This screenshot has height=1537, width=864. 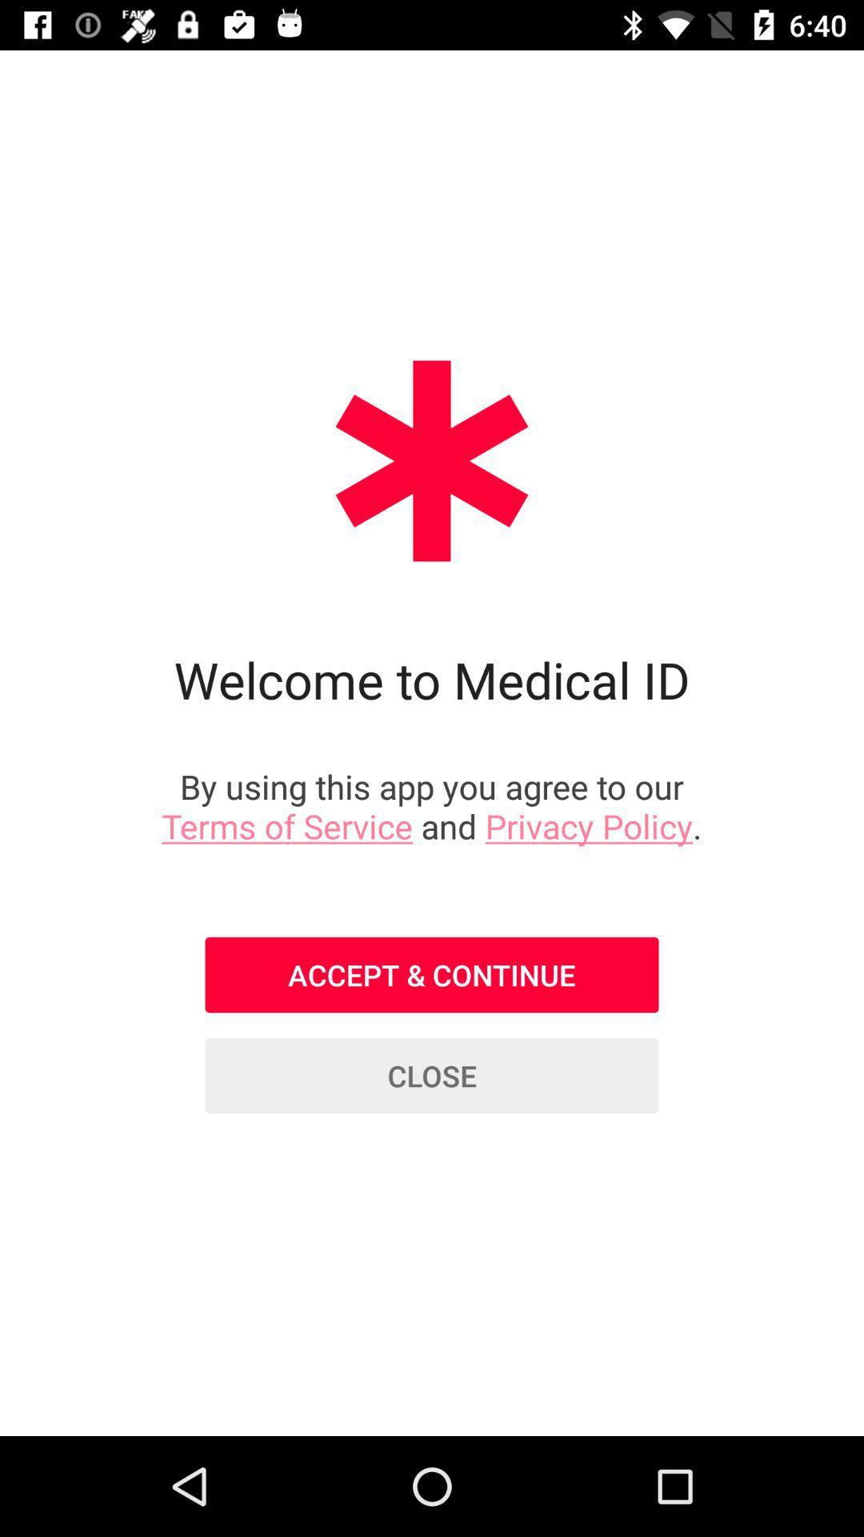 I want to click on icon below welcome to medical icon, so click(x=432, y=806).